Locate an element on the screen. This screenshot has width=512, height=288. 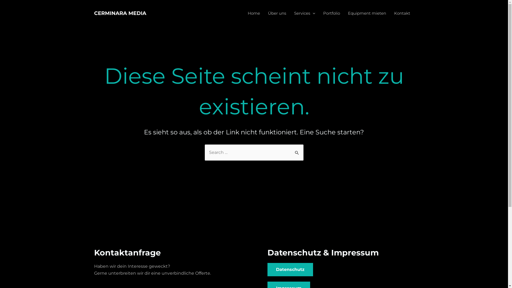
'Portfolio' is located at coordinates (331, 13).